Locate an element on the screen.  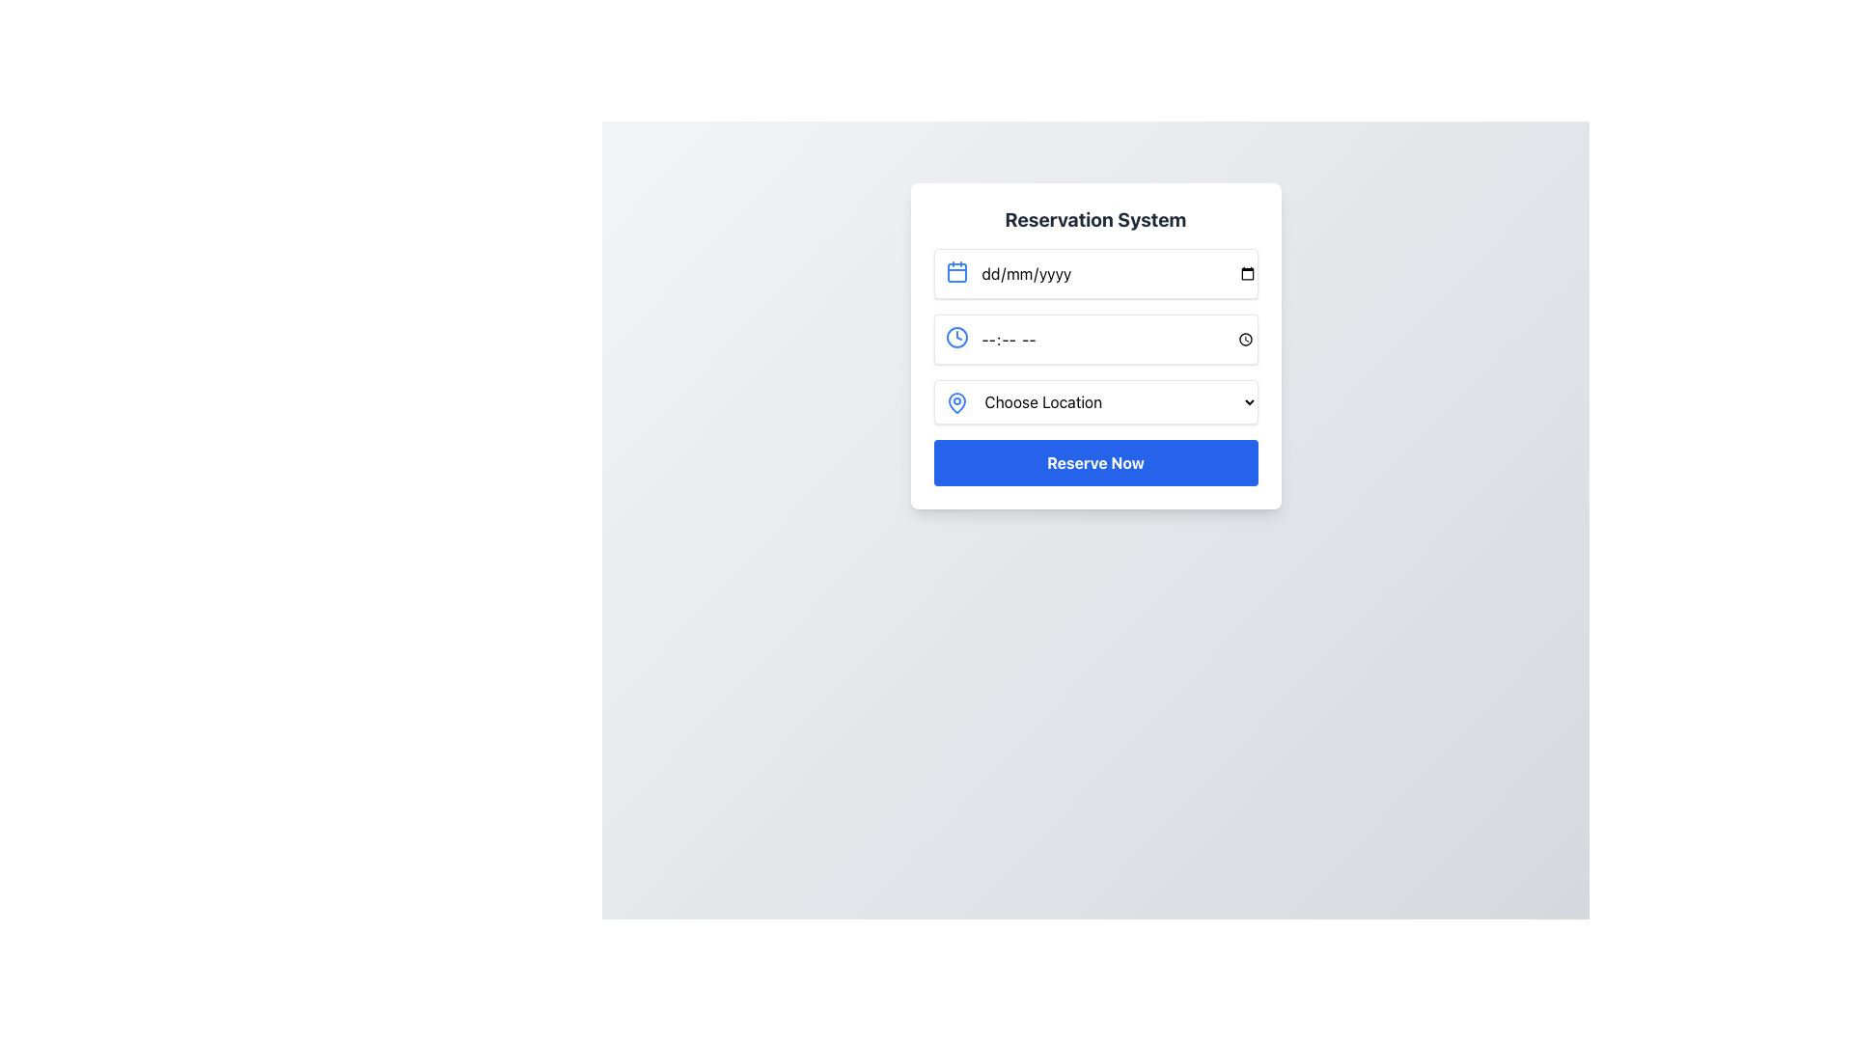
the Date Input Field in the Reservation System is located at coordinates (1095, 274).